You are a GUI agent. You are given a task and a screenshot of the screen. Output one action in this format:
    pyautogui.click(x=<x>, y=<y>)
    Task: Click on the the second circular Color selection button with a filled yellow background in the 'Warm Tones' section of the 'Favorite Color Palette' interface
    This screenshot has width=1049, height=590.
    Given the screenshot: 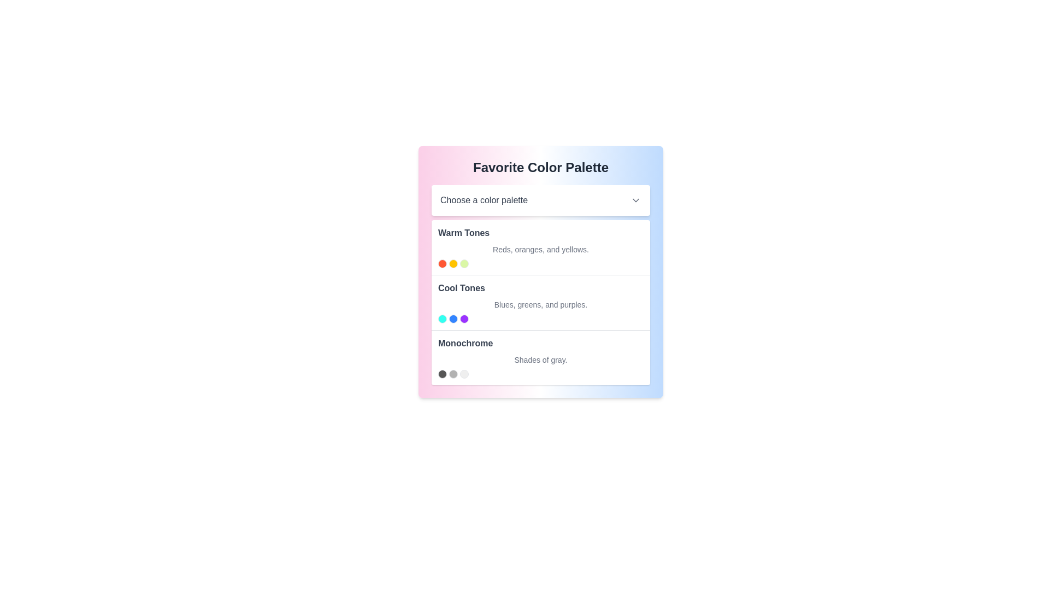 What is the action you would take?
    pyautogui.click(x=453, y=263)
    